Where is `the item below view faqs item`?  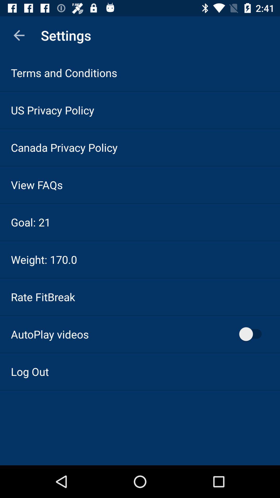 the item below view faqs item is located at coordinates (31, 222).